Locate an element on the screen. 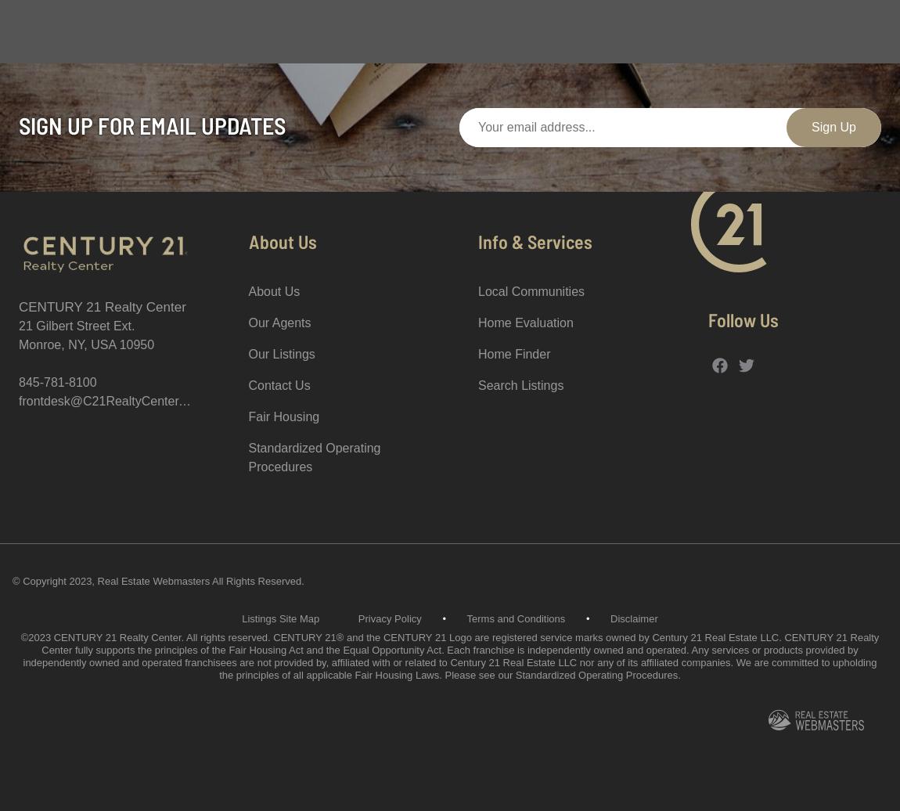 Image resolution: width=900 pixels, height=811 pixels. 'Listings Site Map' is located at coordinates (242, 618).